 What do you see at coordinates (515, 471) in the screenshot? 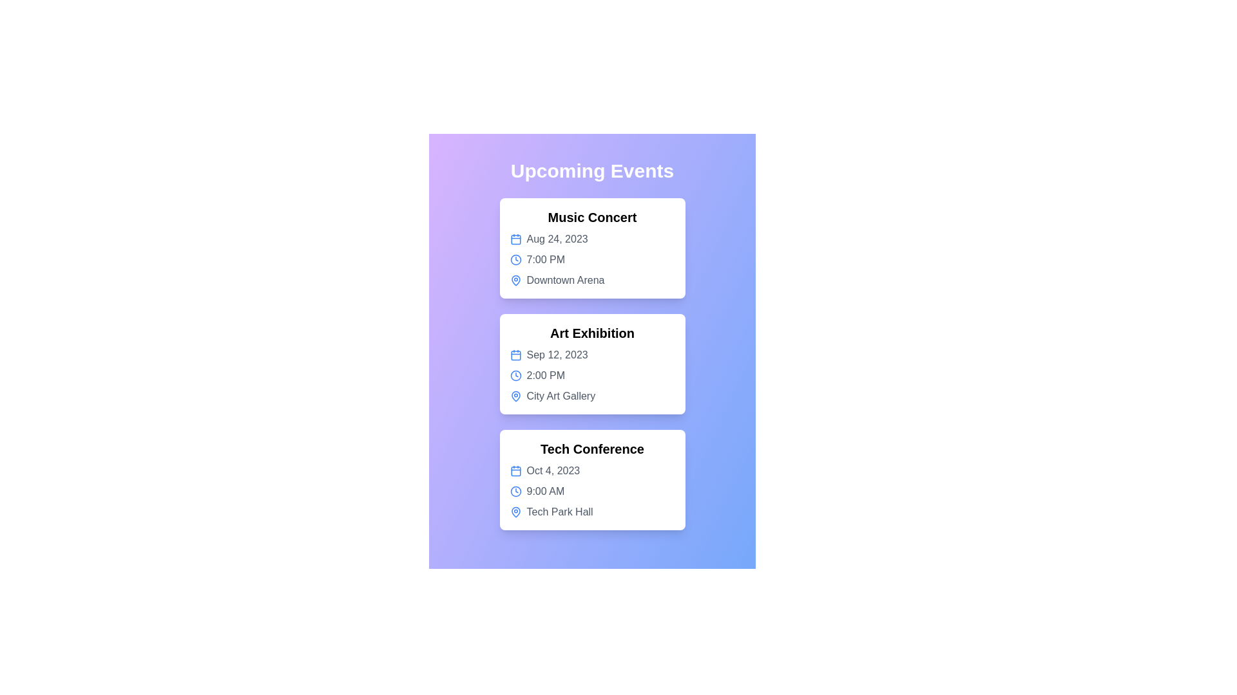
I see `the background rectangle of the calendar icon representing the date section of the 'Tech Conference' event` at bounding box center [515, 471].